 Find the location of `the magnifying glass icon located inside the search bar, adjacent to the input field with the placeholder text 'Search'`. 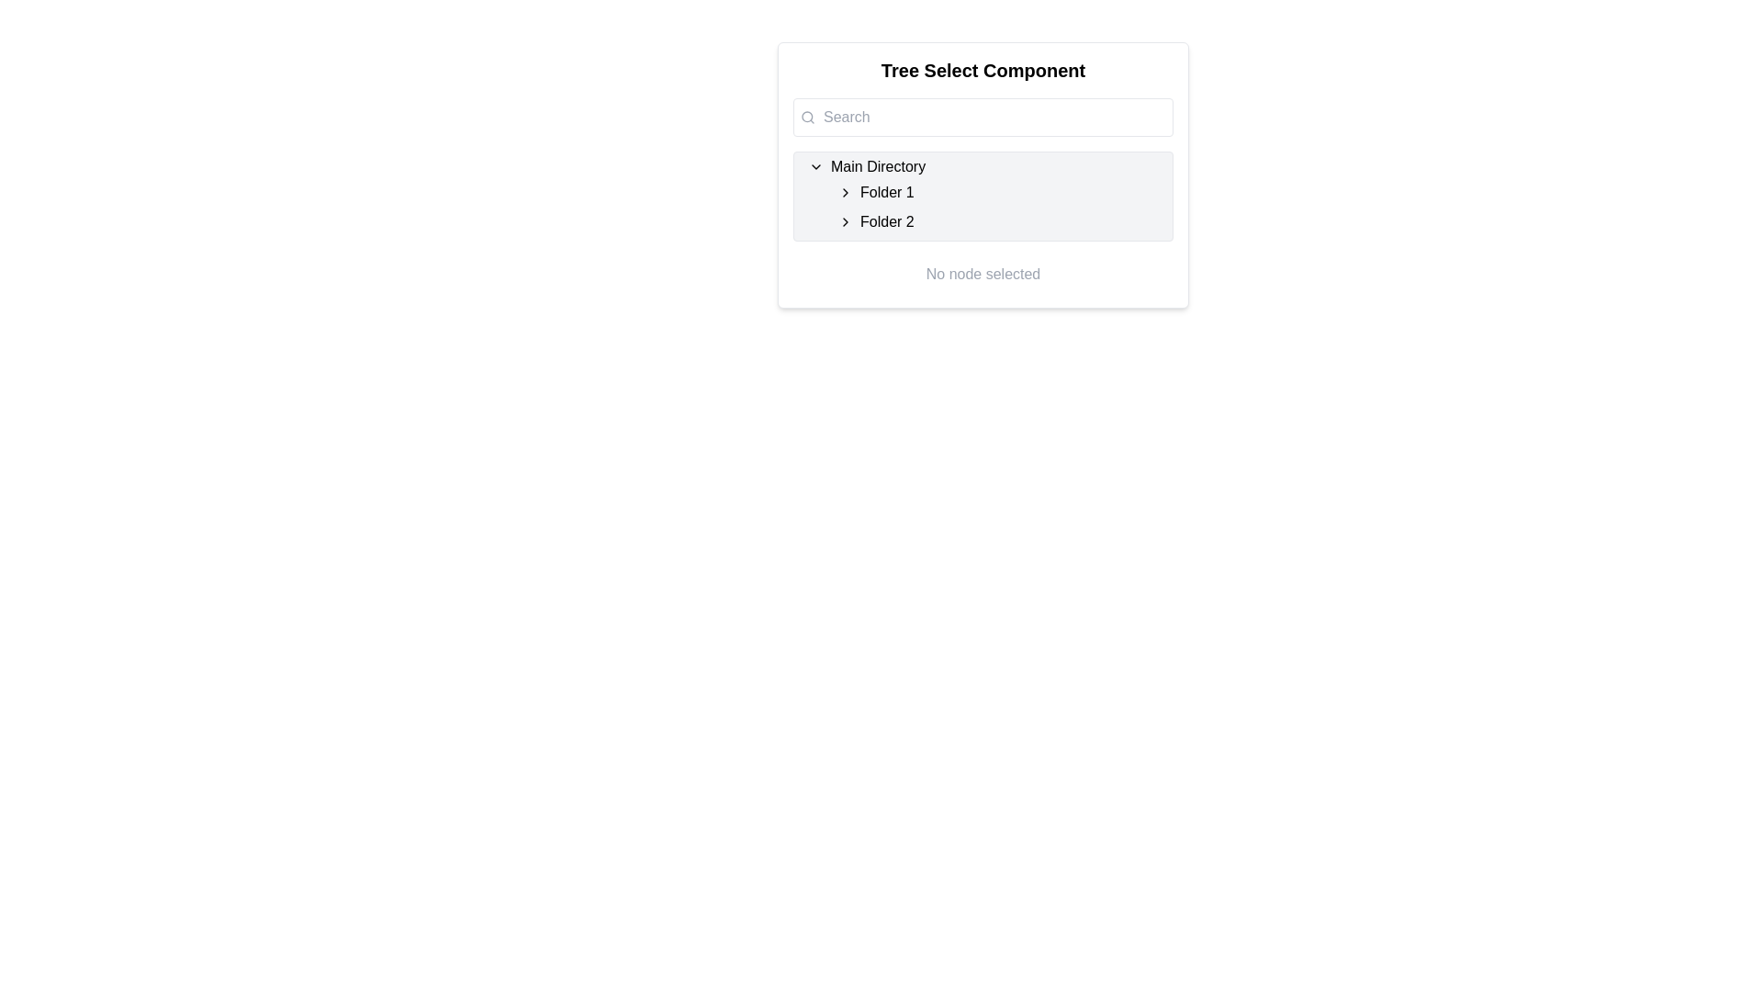

the magnifying glass icon located inside the search bar, adjacent to the input field with the placeholder text 'Search' is located at coordinates (807, 117).